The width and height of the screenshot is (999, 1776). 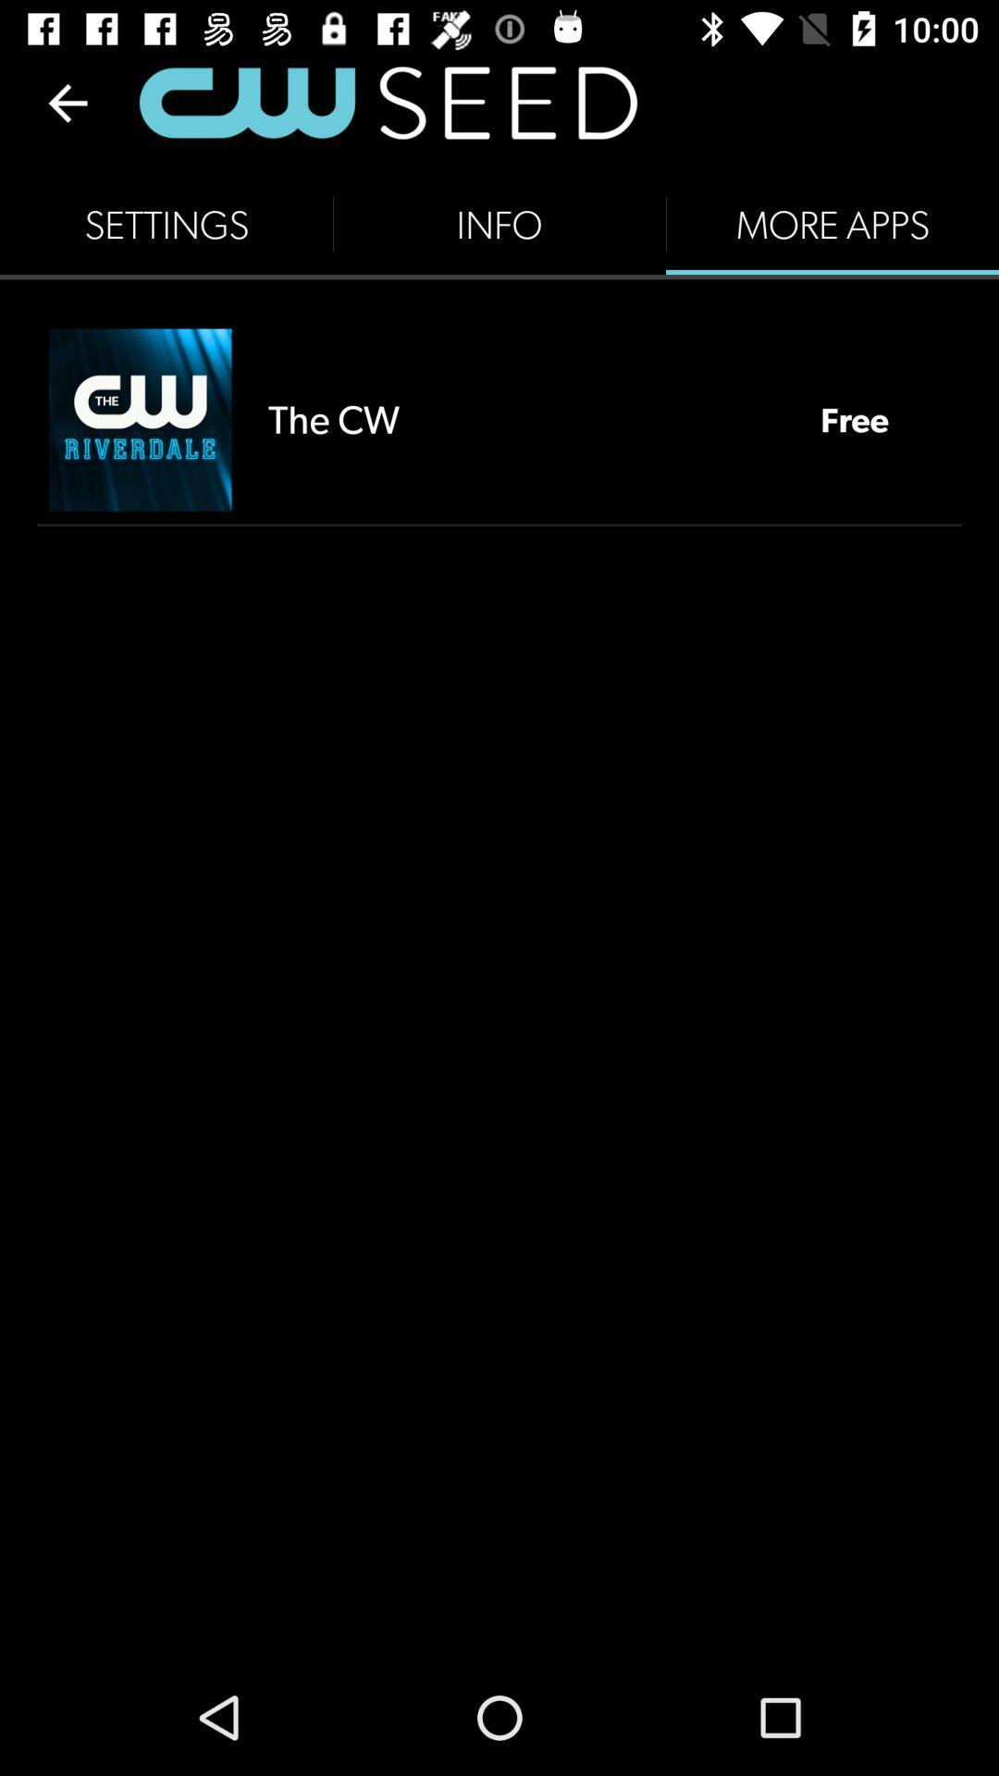 What do you see at coordinates (139, 419) in the screenshot?
I see `icon below the settings item` at bounding box center [139, 419].